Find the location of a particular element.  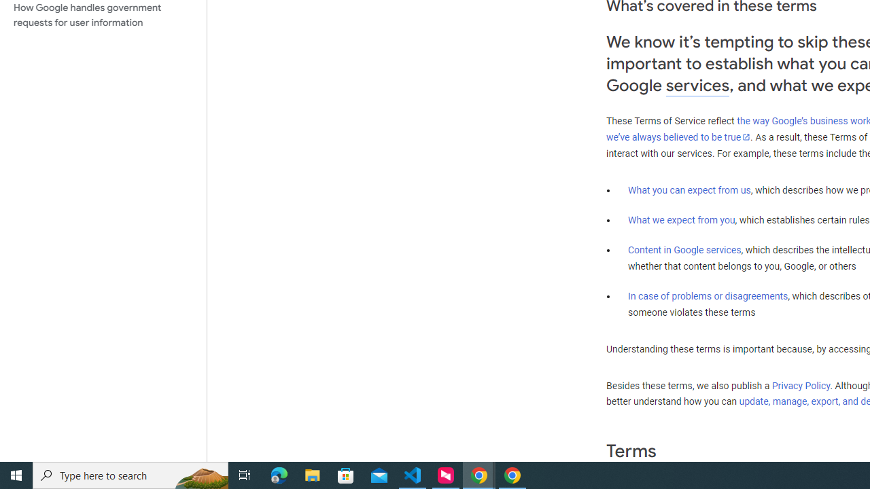

'What you can expect from us' is located at coordinates (689, 189).